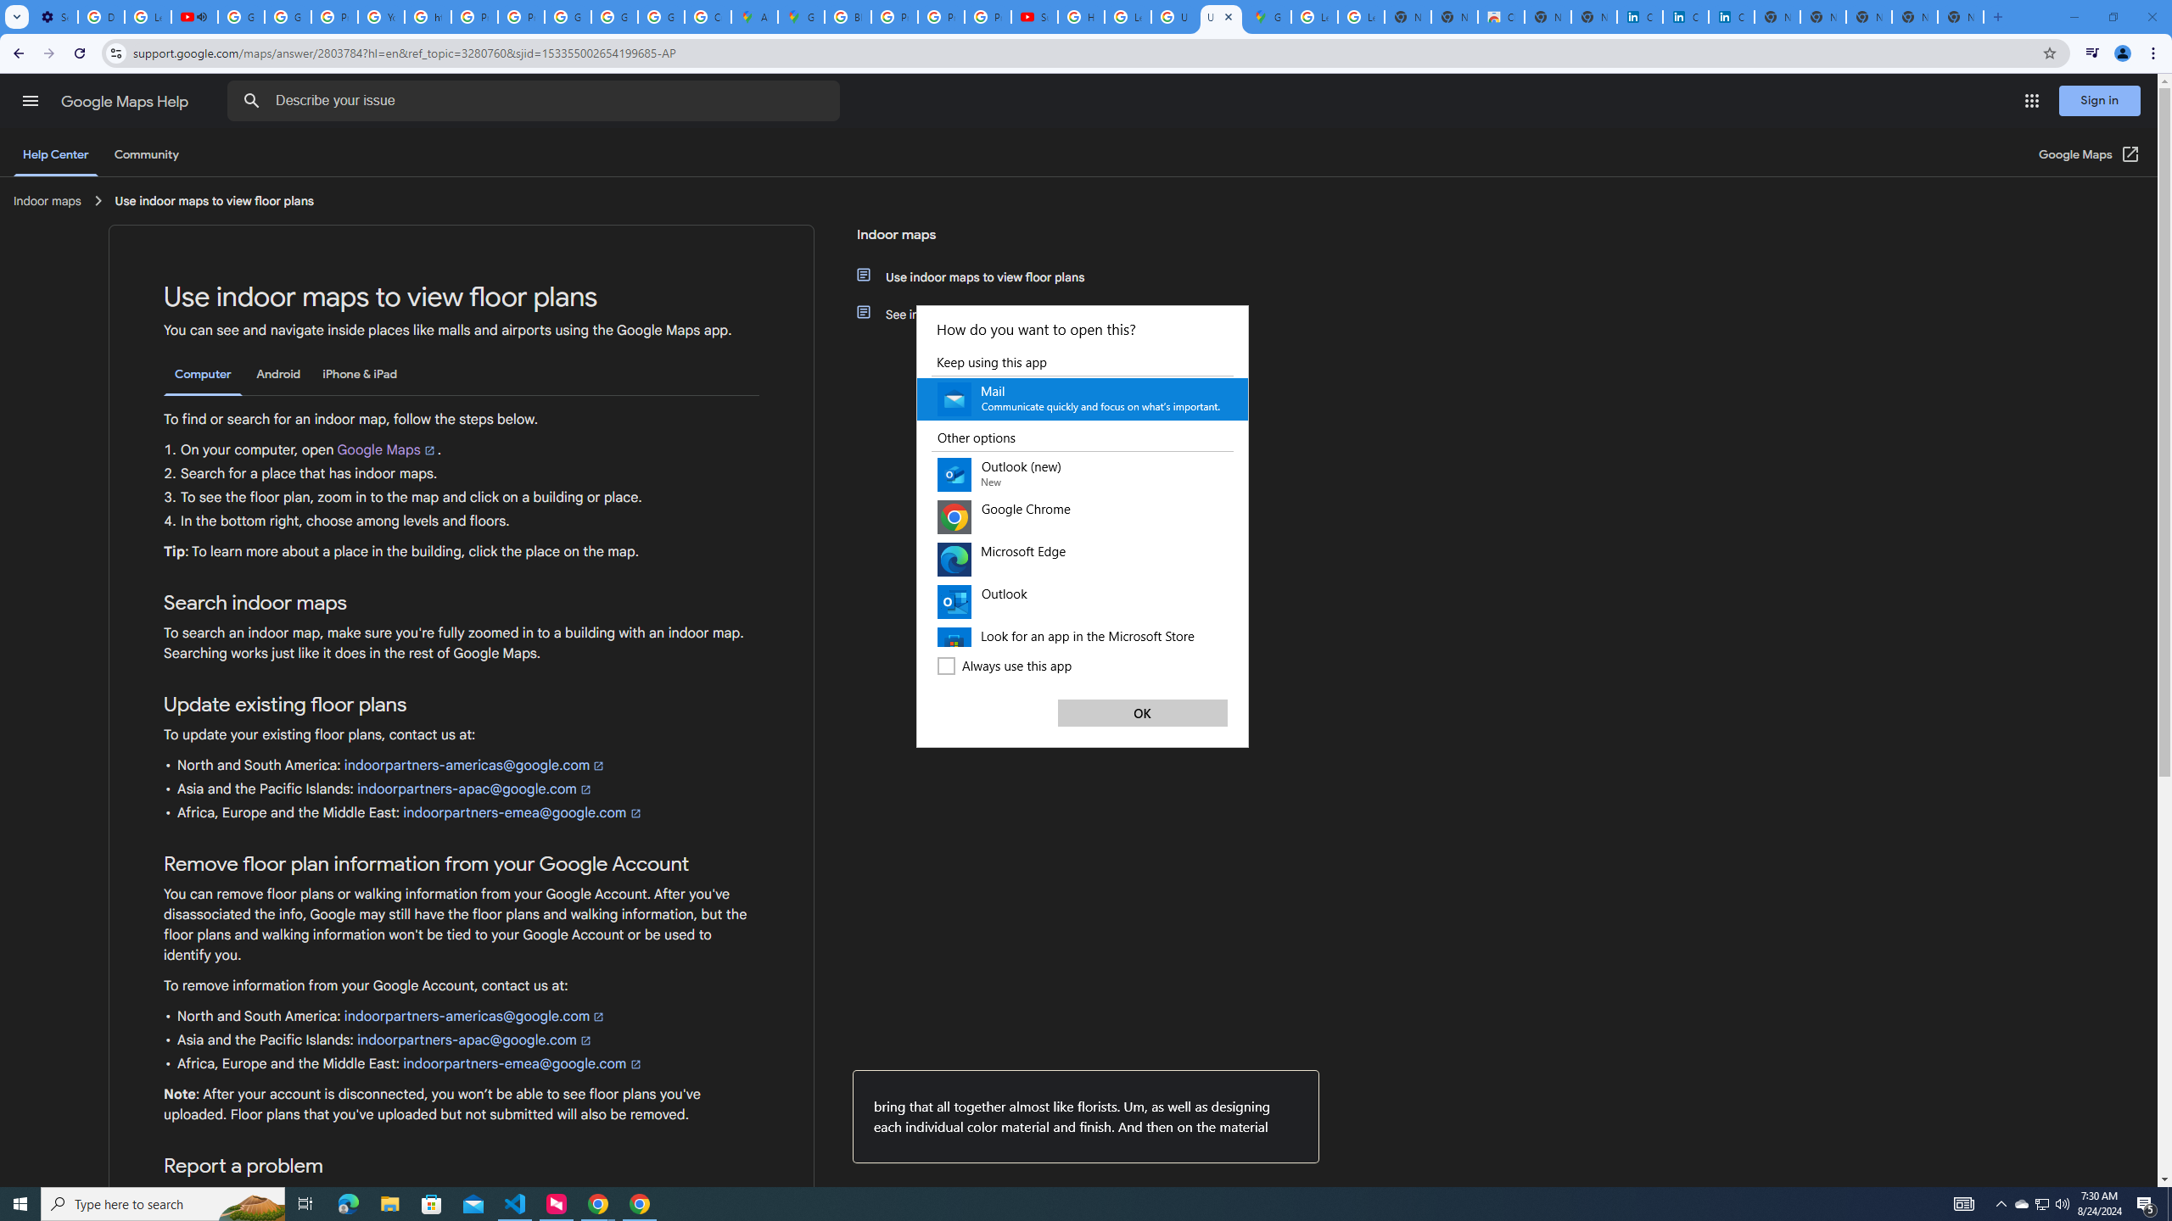  I want to click on 'Cookie Policy | LinkedIn', so click(1684, 16).